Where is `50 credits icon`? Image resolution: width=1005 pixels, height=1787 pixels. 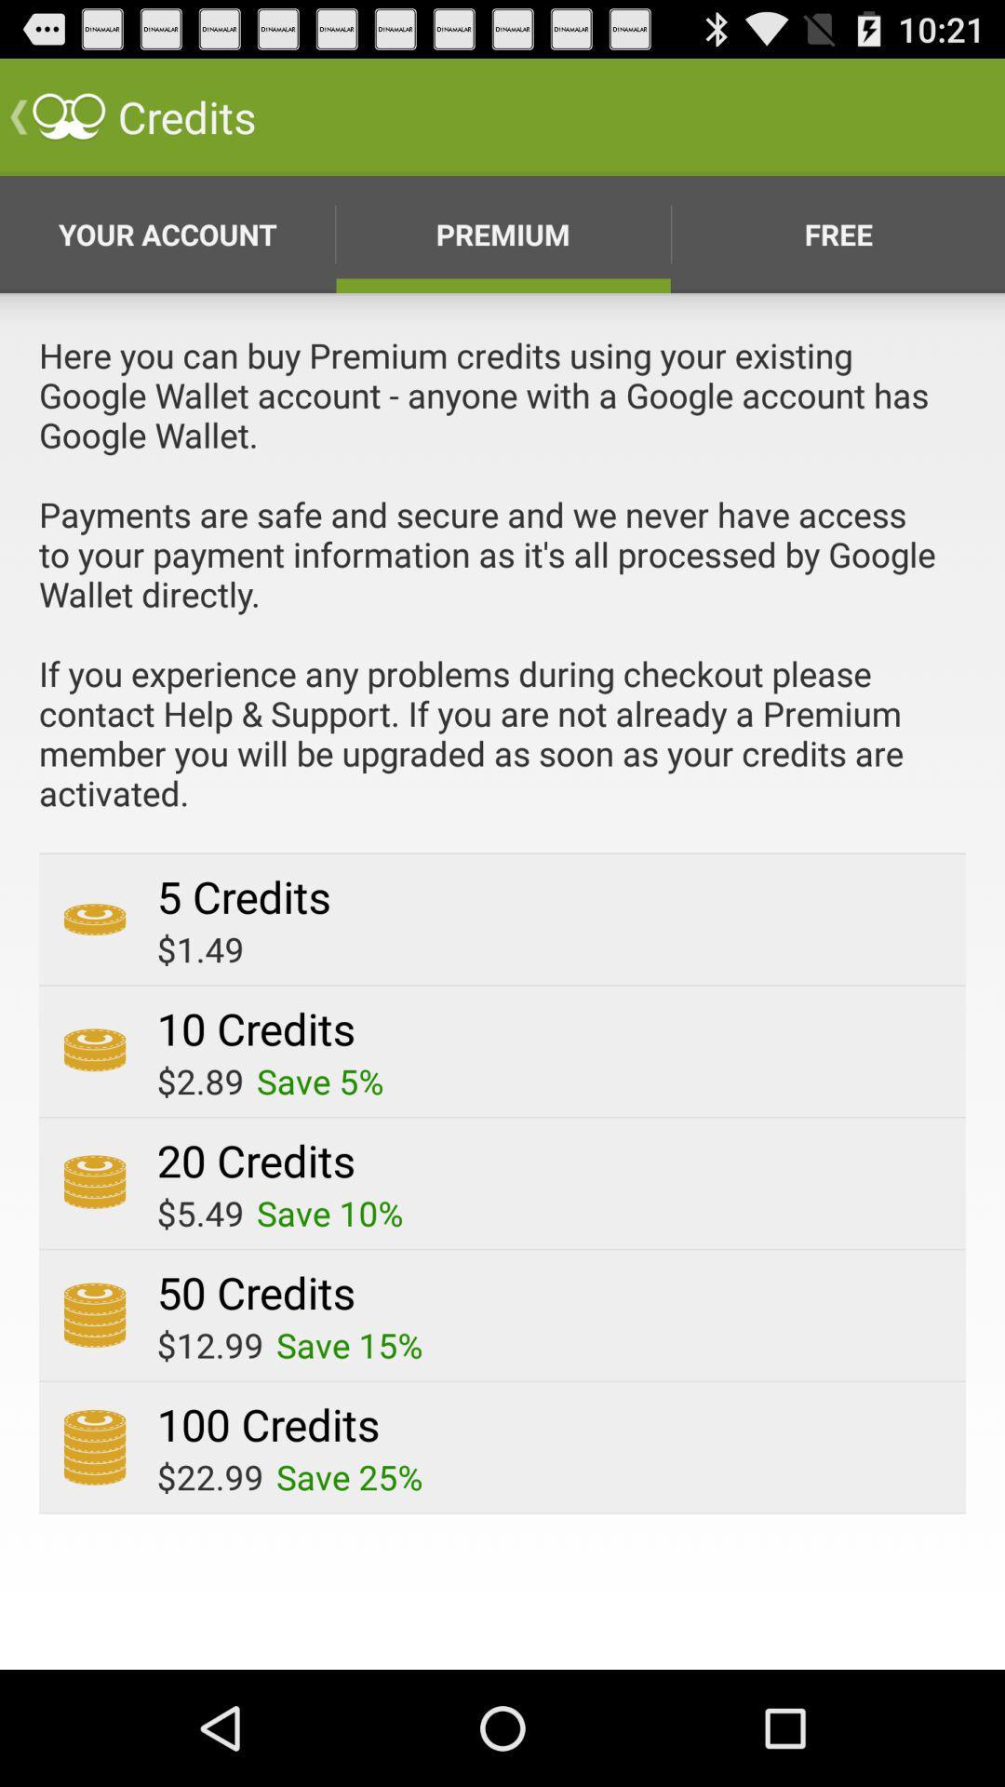 50 credits icon is located at coordinates (256, 1291).